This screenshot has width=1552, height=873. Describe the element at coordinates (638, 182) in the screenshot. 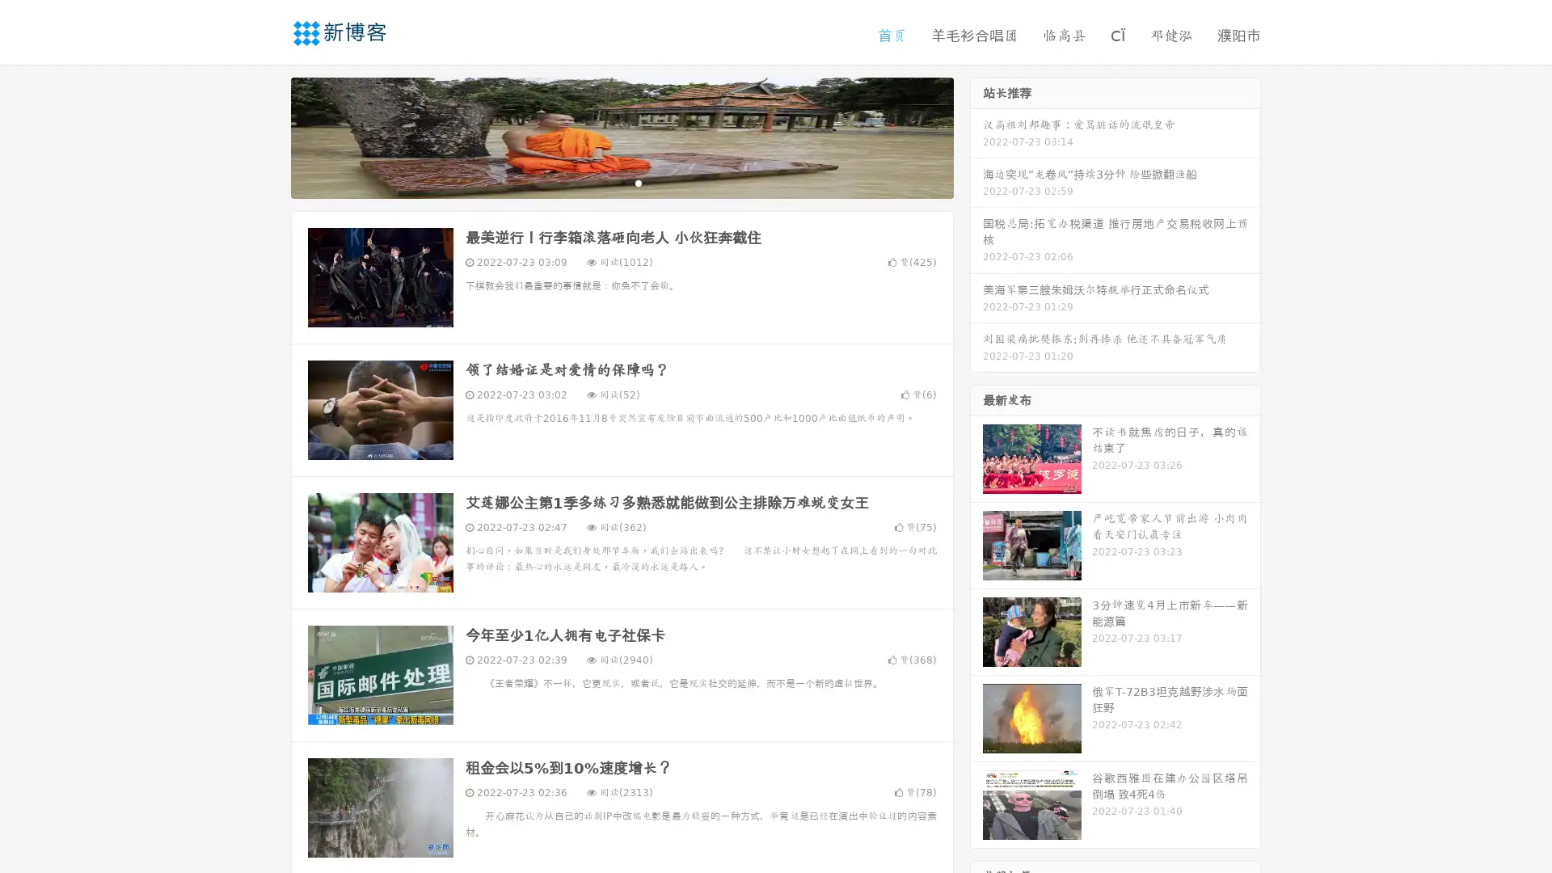

I see `Go to slide 3` at that location.